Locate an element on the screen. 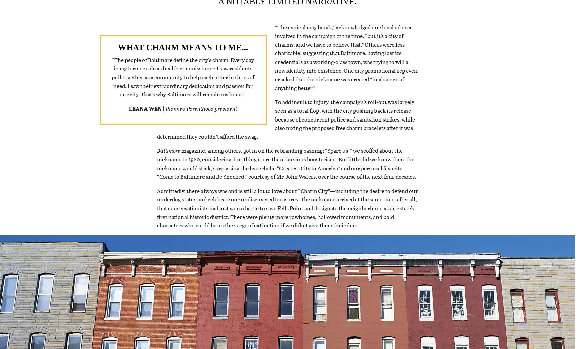 The image size is (580, 349). 'Planned Parenthood president' is located at coordinates (166, 116).